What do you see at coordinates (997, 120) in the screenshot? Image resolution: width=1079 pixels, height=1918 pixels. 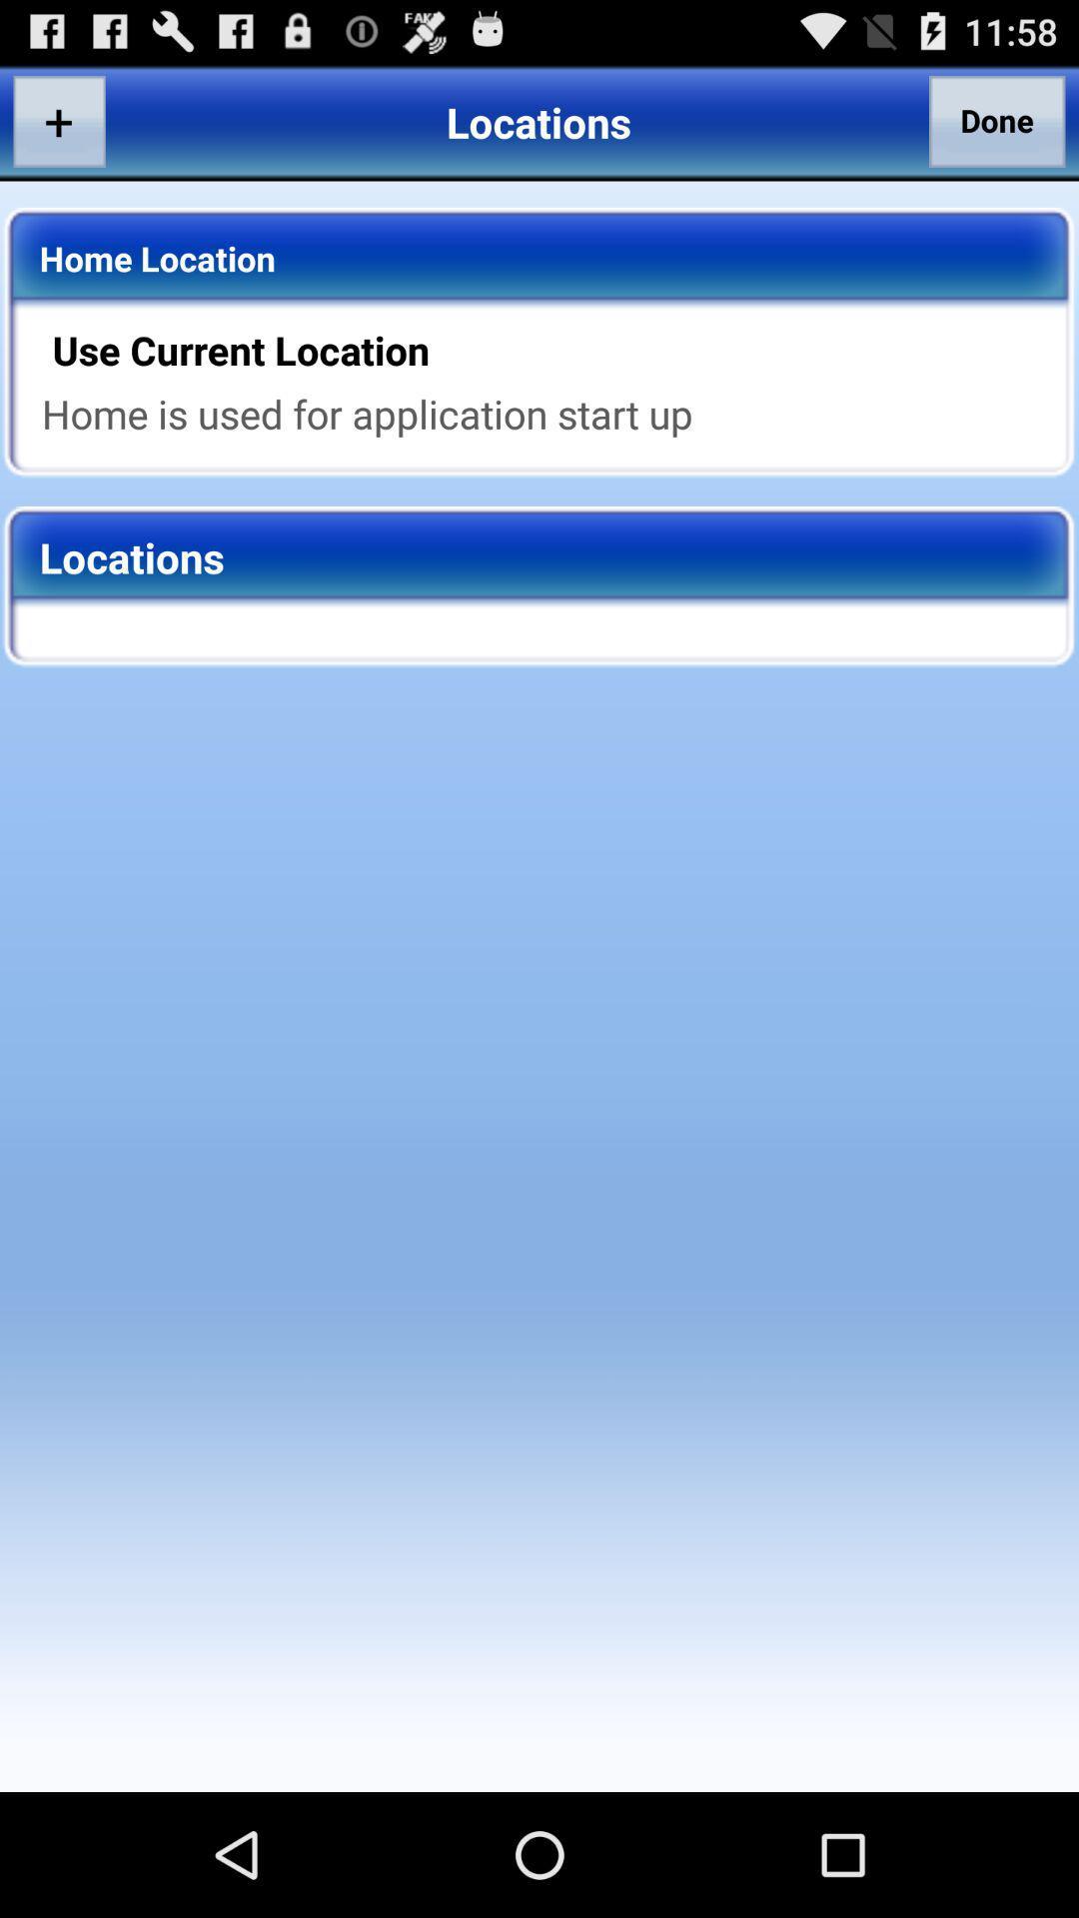 I see `the item to the right of locations app` at bounding box center [997, 120].